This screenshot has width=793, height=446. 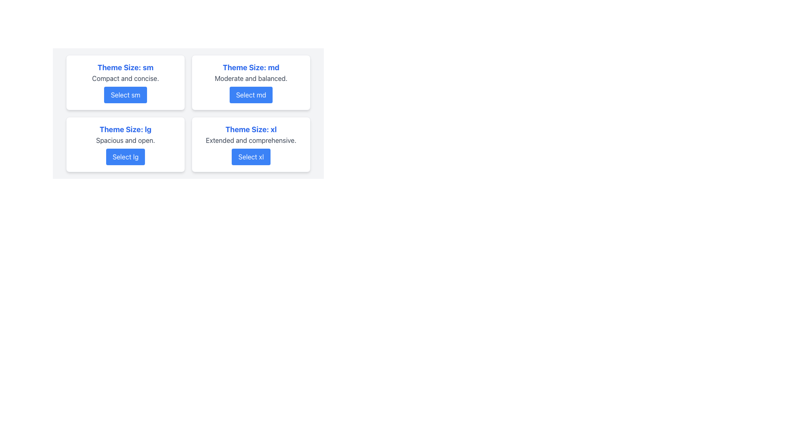 What do you see at coordinates (251, 157) in the screenshot?
I see `the rectangular button with a blue background labeled 'Select xl'` at bounding box center [251, 157].